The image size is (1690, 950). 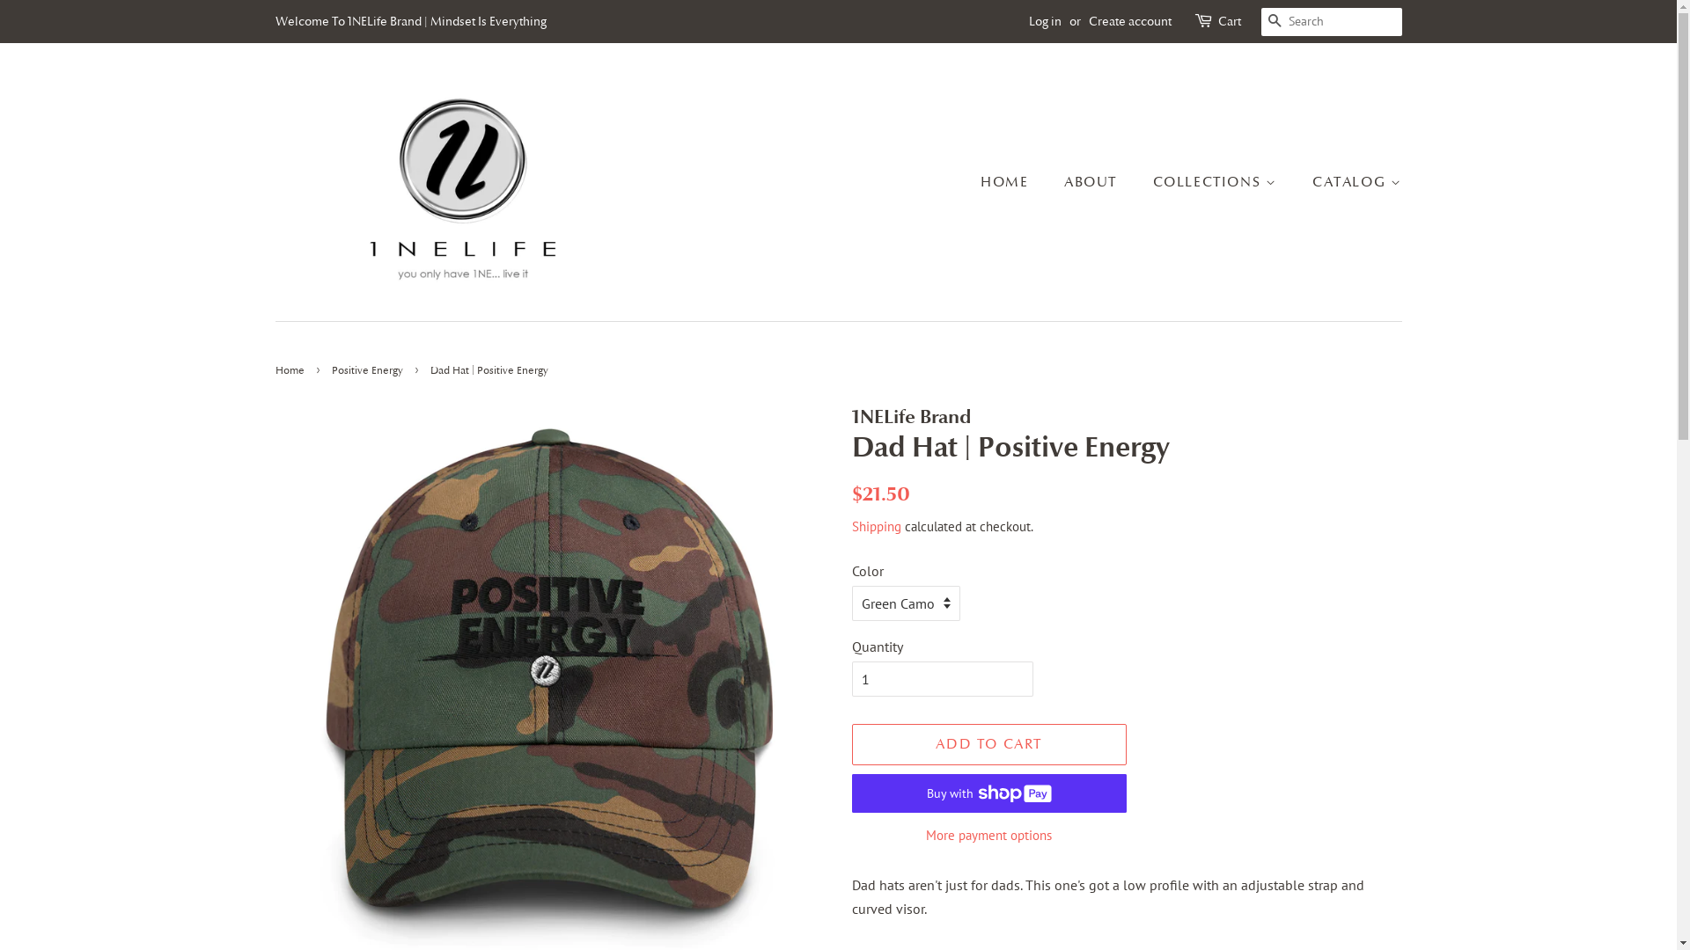 I want to click on 'Log in', so click(x=1044, y=20).